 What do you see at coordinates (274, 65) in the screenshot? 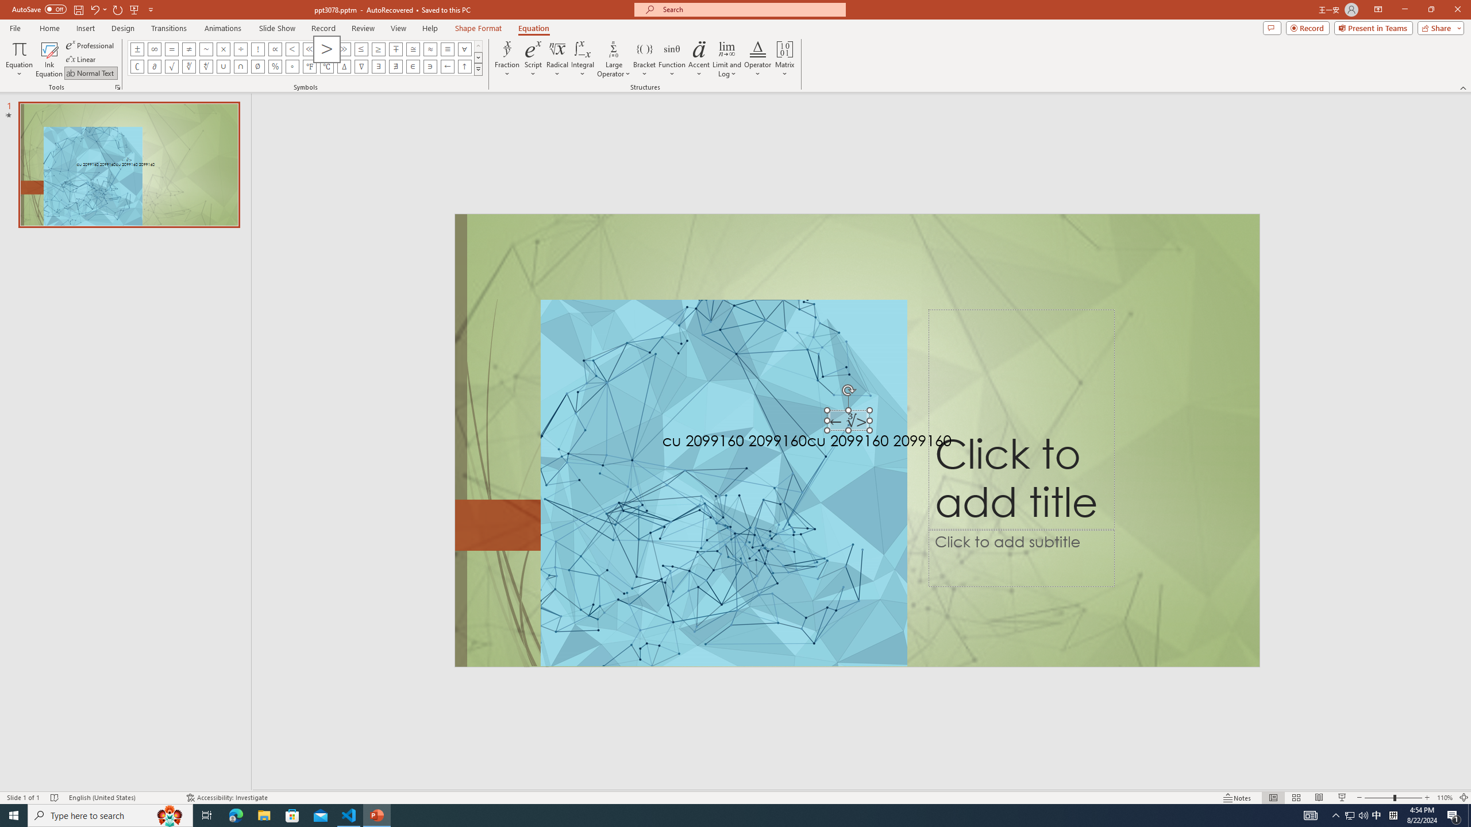
I see `'Equation Symbol Percentage'` at bounding box center [274, 65].